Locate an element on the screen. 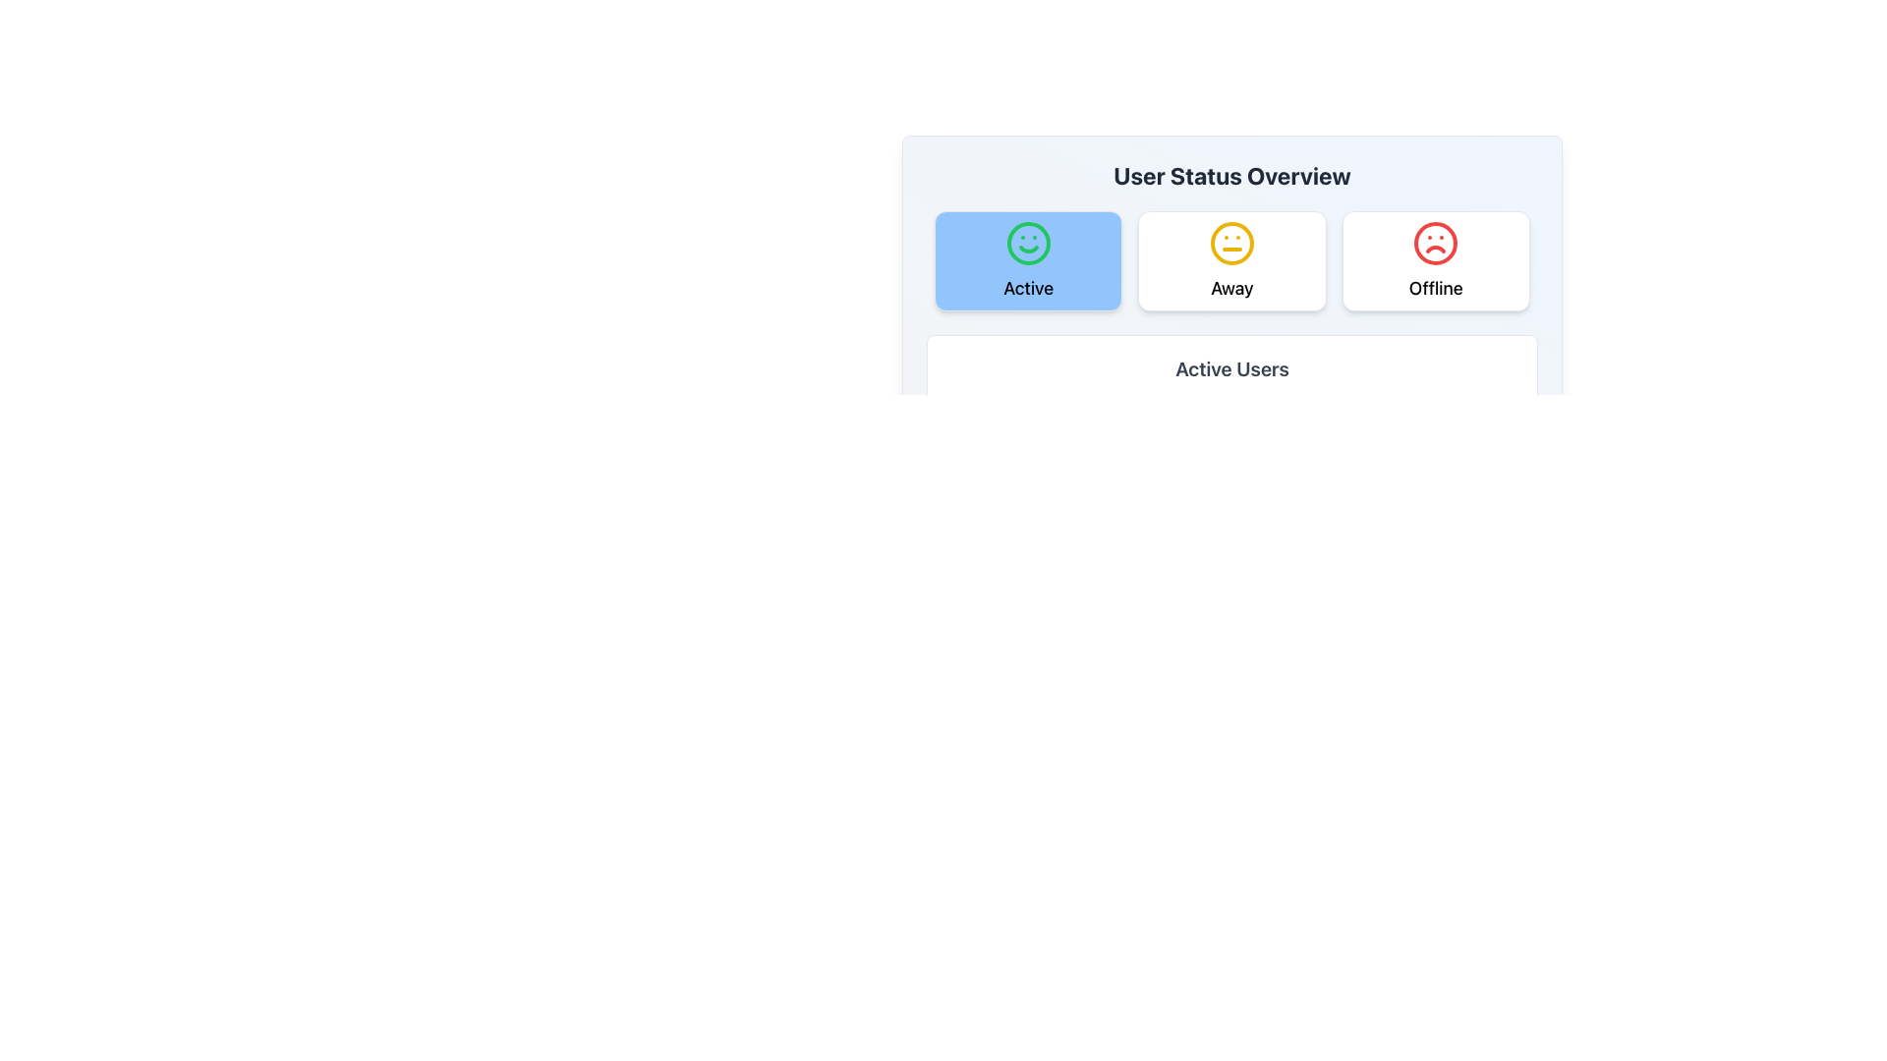  the 'Offline' text label displayed in bold black font, positioned below the red sad face icon in the user status card is located at coordinates (1436, 288).